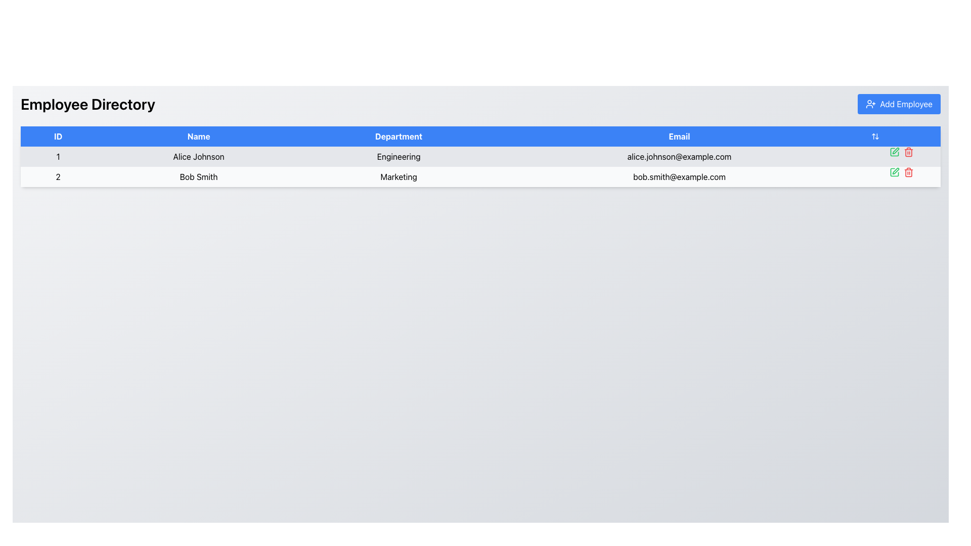 The height and width of the screenshot is (546, 971). What do you see at coordinates (874, 136) in the screenshot?
I see `the Sort Indicator Icon located in the second column of the table header, which is positioned within a blue-colored row and adjacent to the edit and delete icons` at bounding box center [874, 136].